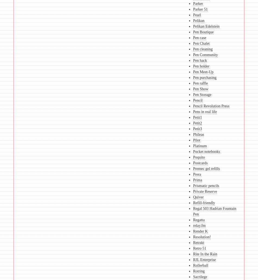  I want to click on 'Resolution!', so click(193, 237).